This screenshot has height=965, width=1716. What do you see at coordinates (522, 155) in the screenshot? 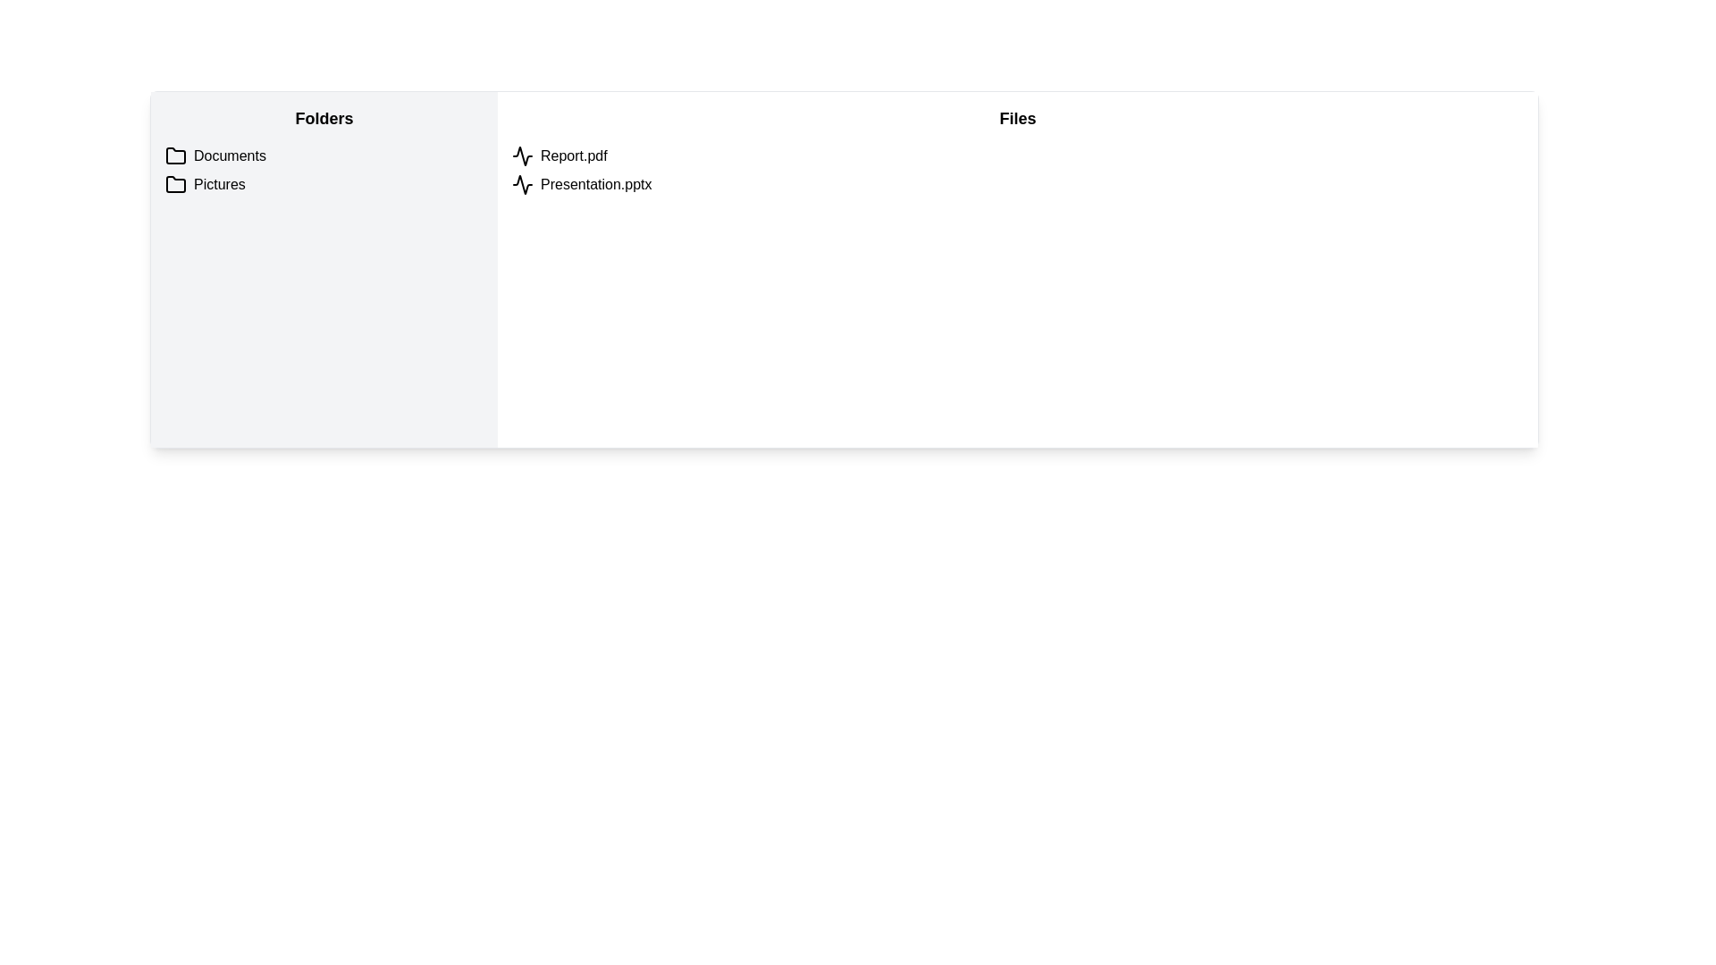
I see `the small graphical icon resembling a waveform, located in the 'Files' section next to the label 'Report.pdf'` at bounding box center [522, 155].